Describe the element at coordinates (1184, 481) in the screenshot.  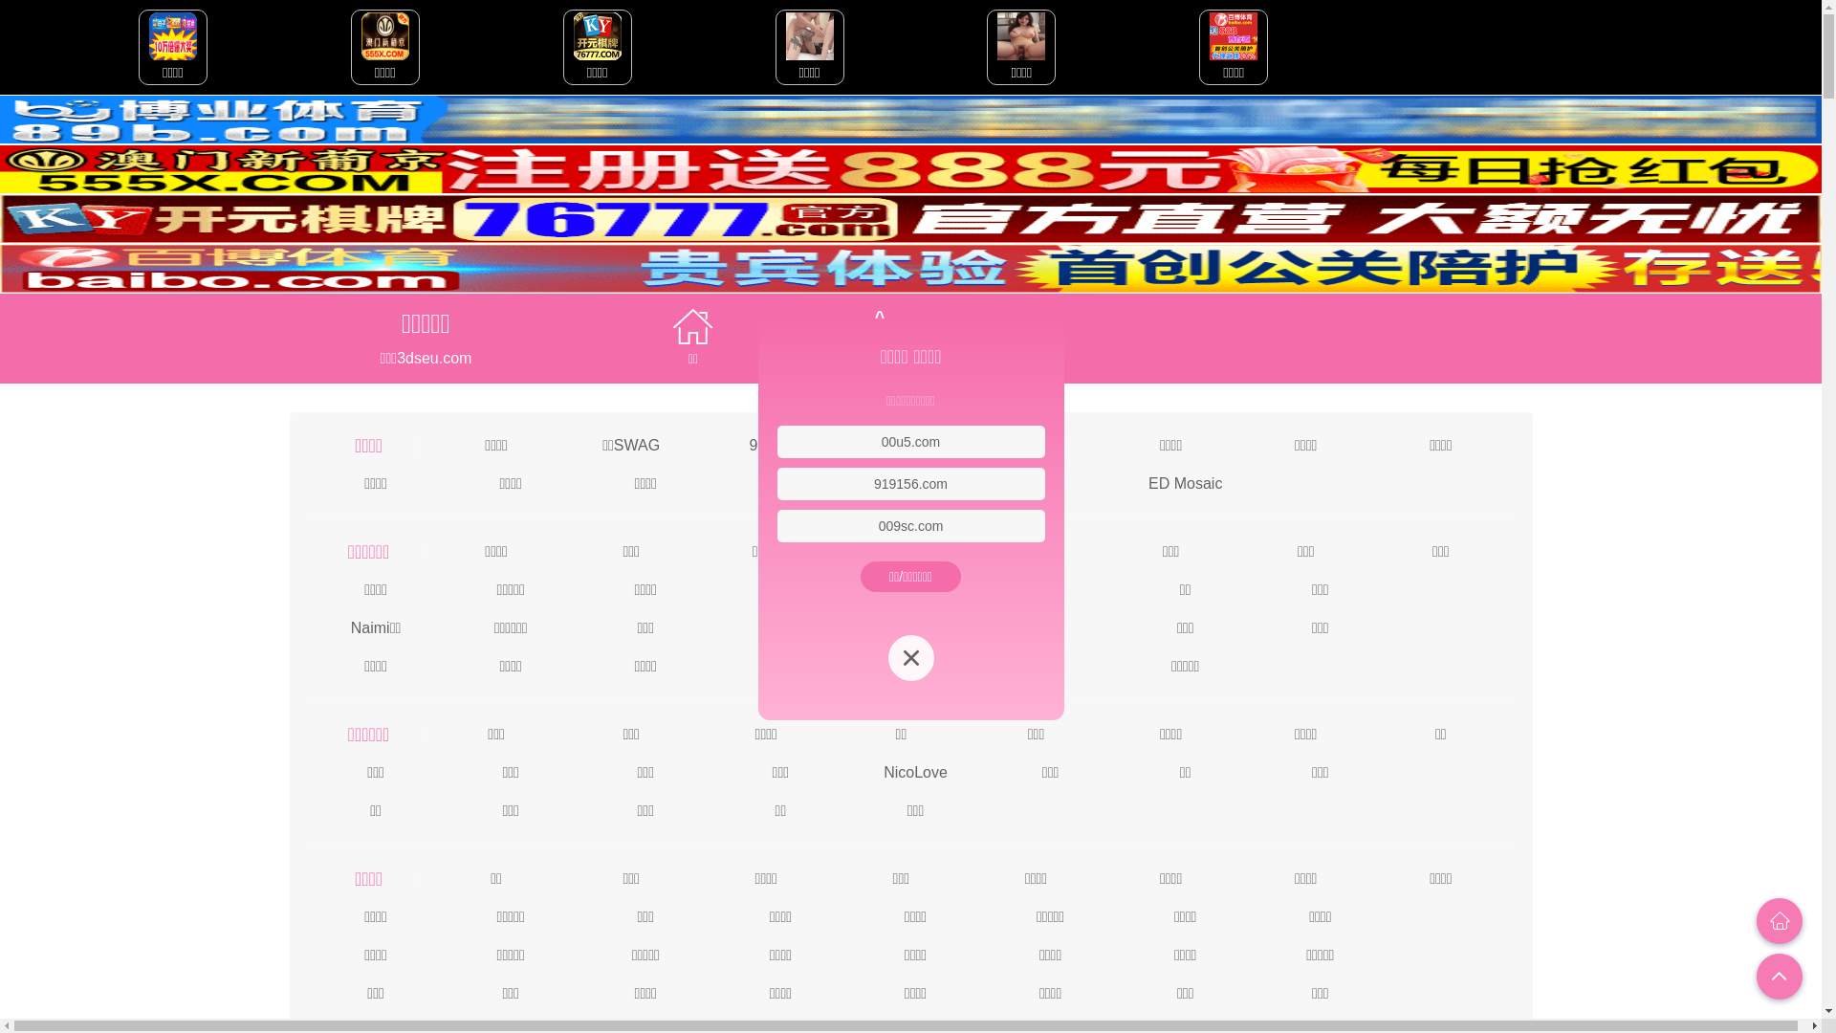
I see `'ED Mosaic'` at that location.